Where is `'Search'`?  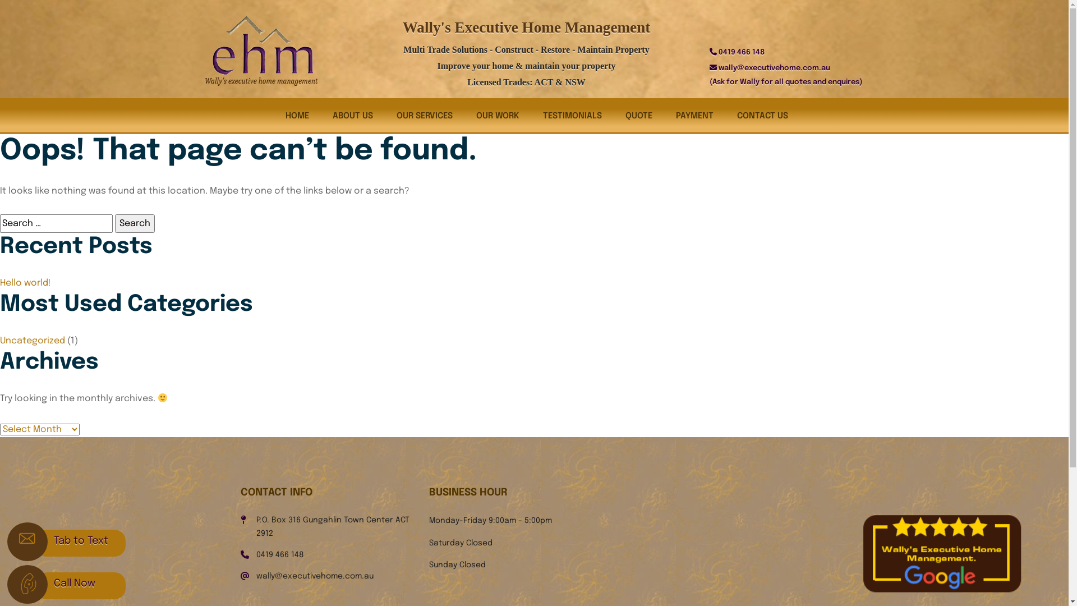 'Search' is located at coordinates (135, 223).